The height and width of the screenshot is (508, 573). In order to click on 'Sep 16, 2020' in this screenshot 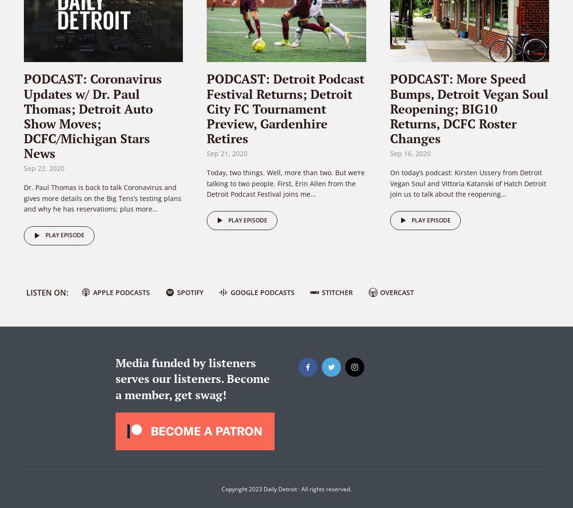, I will do `click(409, 153)`.